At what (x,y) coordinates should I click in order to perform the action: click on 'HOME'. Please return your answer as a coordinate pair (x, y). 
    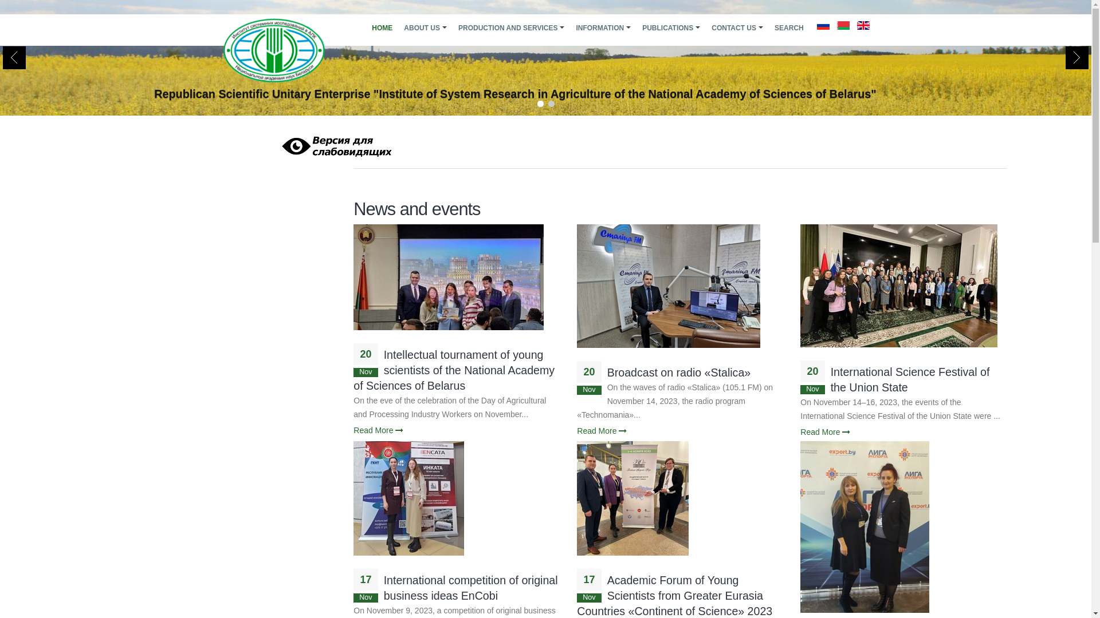
    Looking at the image, I should click on (382, 27).